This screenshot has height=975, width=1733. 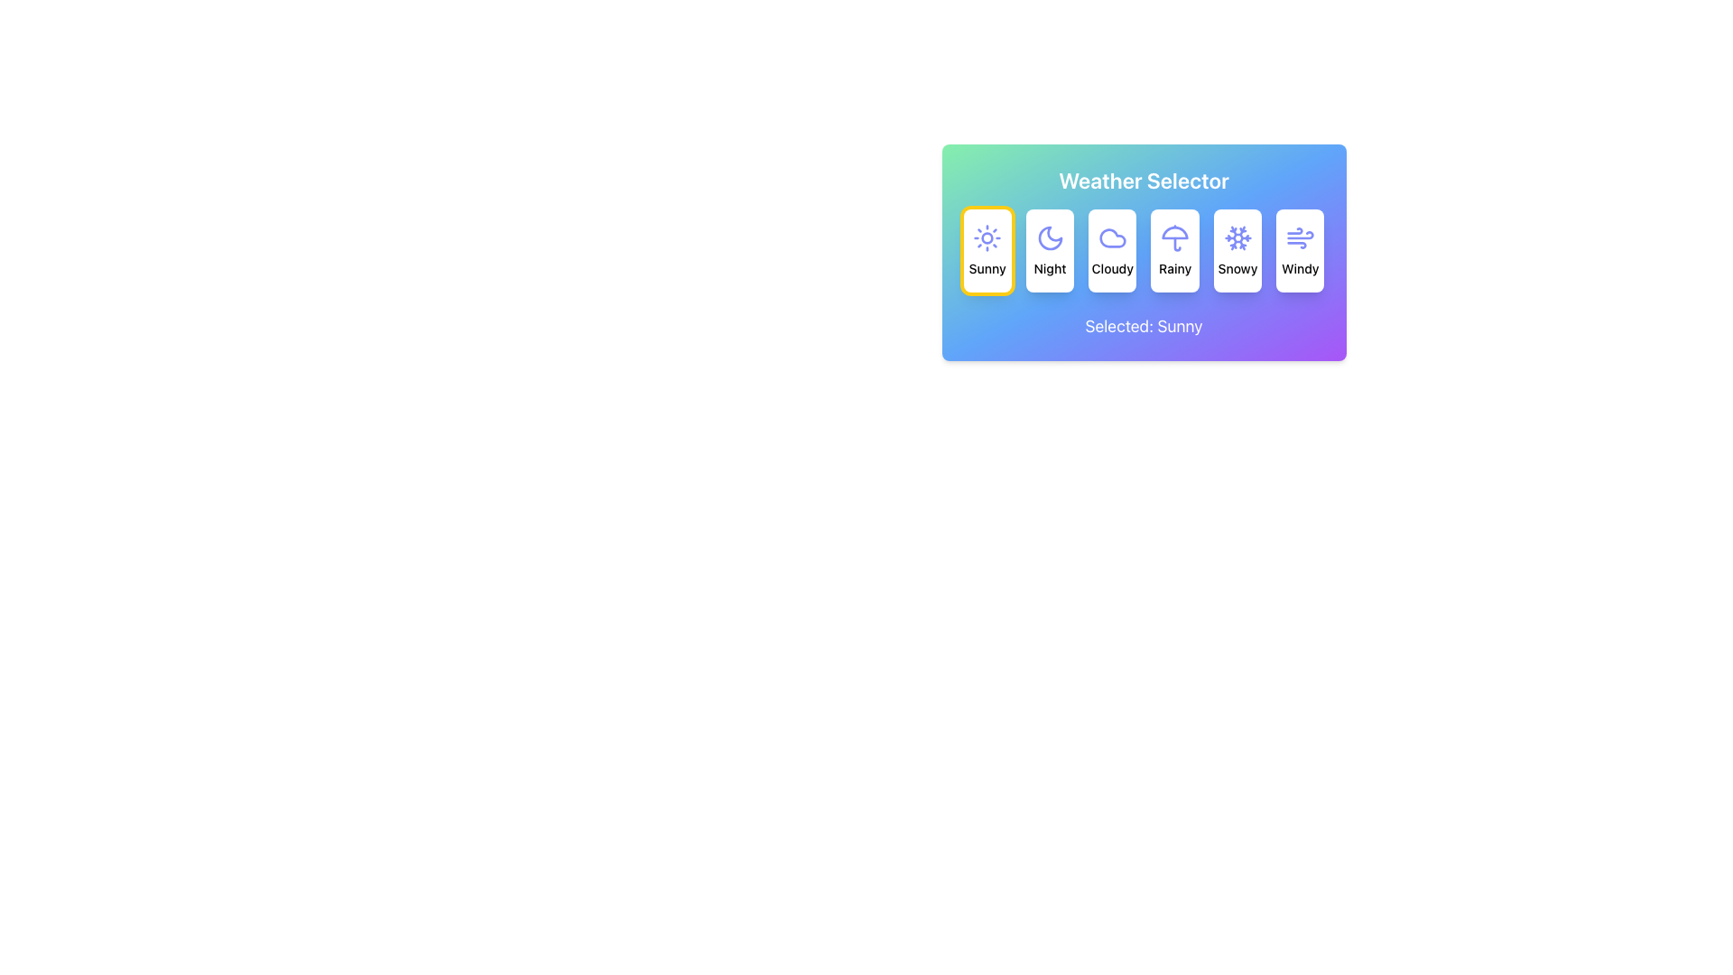 I want to click on the 'Snowy' weather condition button, which is the fifth item in the weather options grid menu, so click(x=1237, y=250).